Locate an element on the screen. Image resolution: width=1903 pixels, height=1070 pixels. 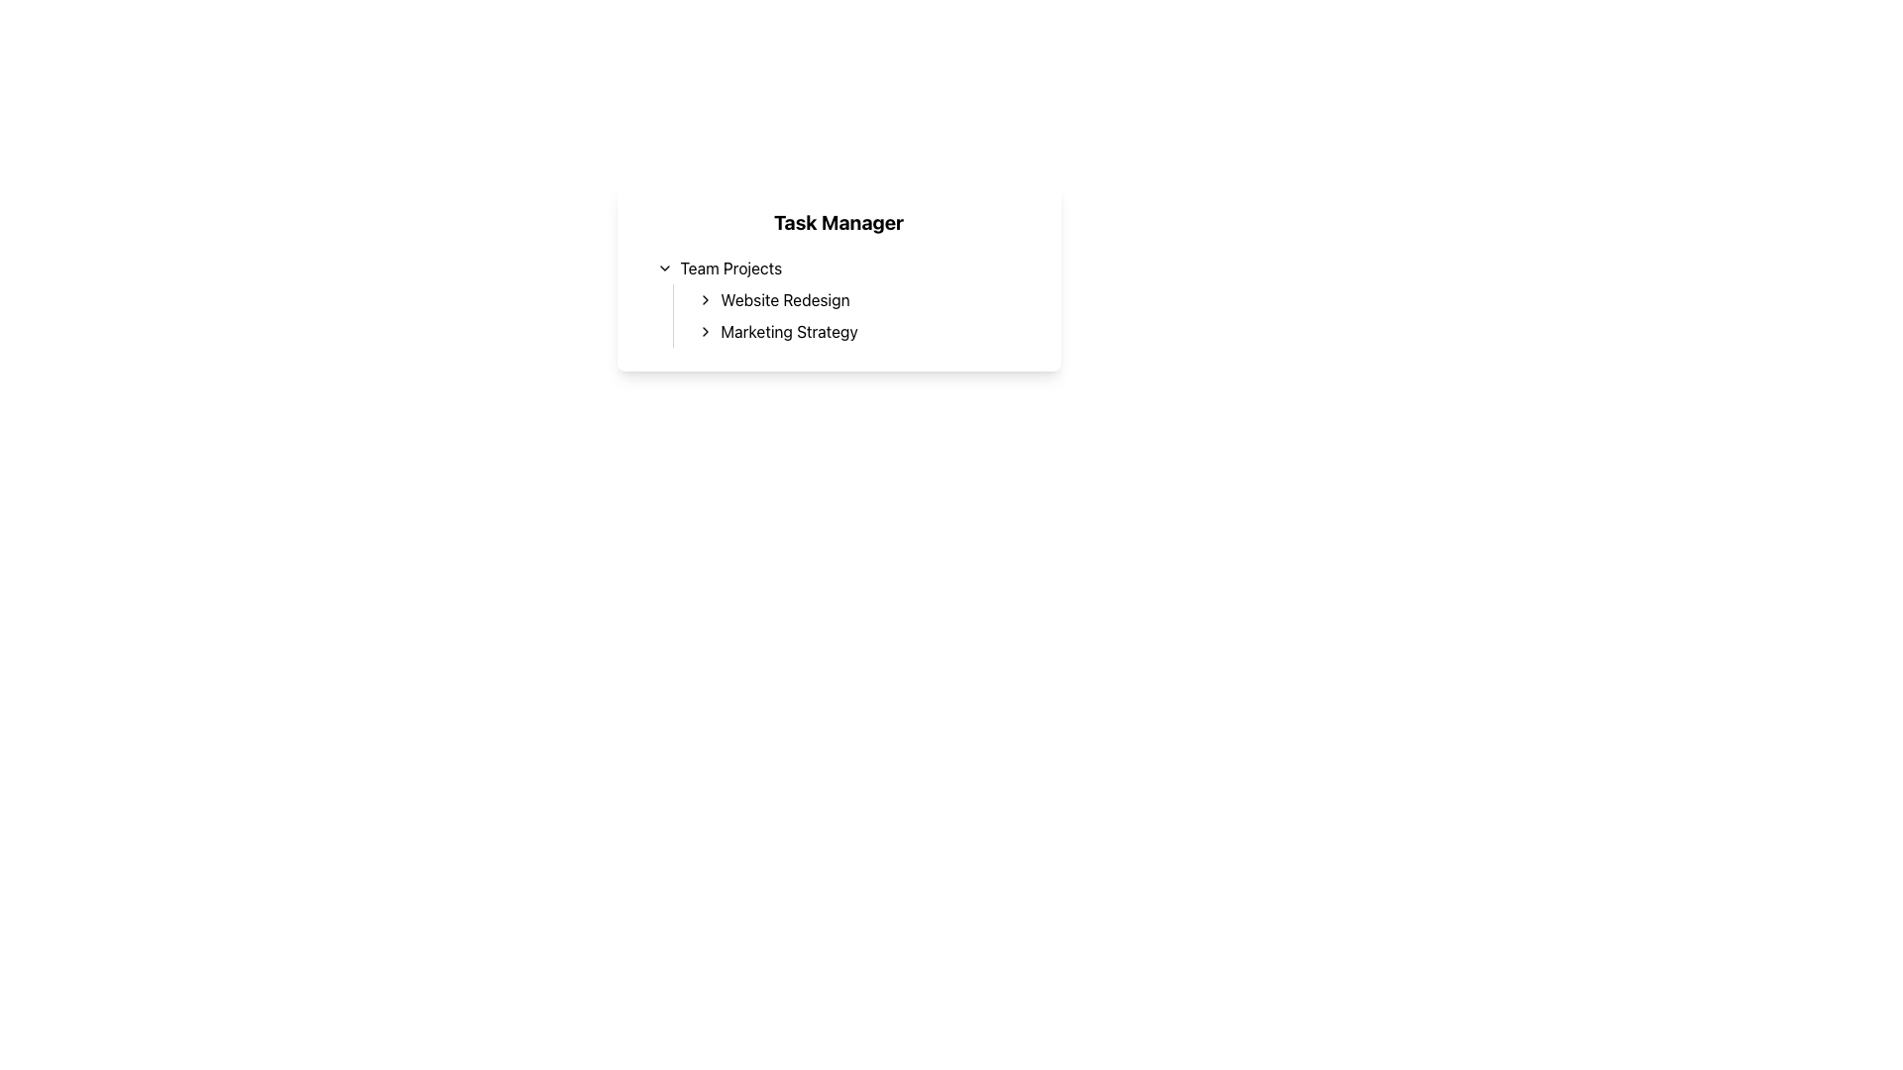
the rightward-pointing chevron icon that indicates navigation or expansion next to the text 'Website Redesign' is located at coordinates (705, 300).